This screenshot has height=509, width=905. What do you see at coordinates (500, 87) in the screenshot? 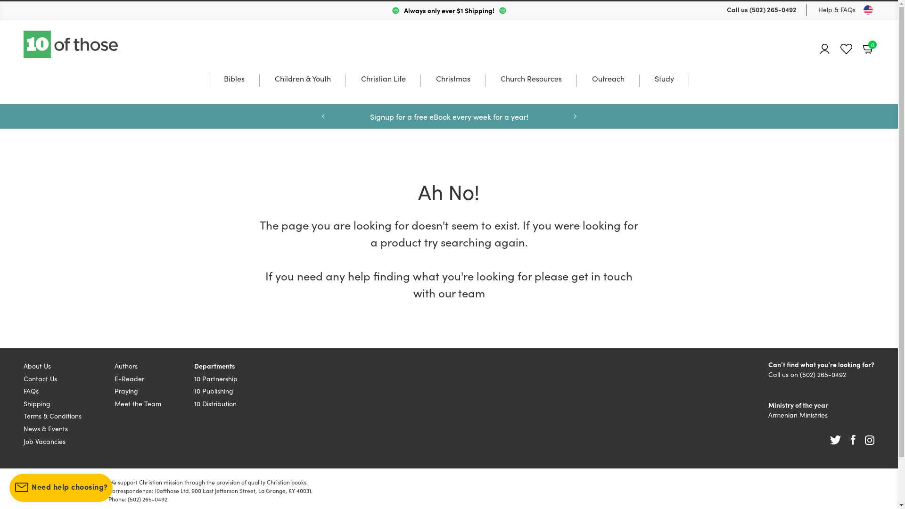
I see `'Church Resources'` at bounding box center [500, 87].